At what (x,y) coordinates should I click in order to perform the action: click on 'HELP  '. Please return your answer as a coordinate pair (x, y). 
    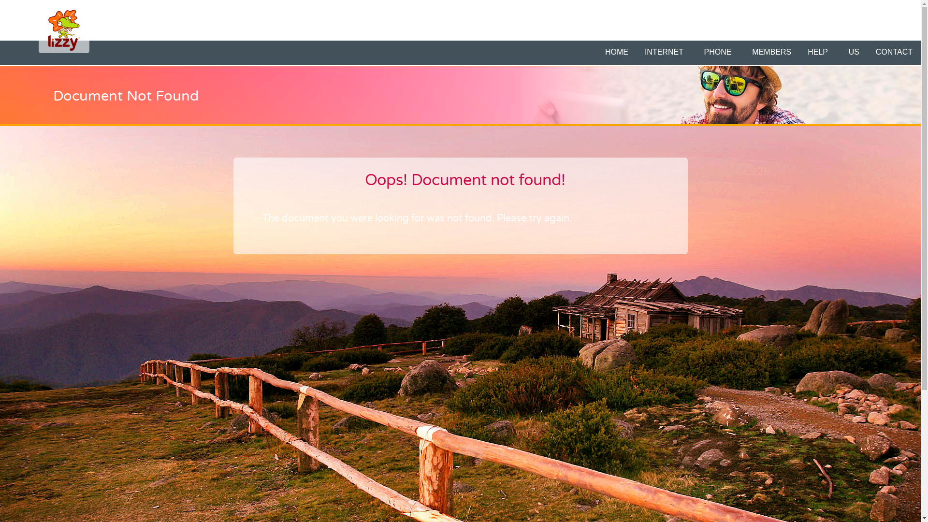
    Looking at the image, I should click on (819, 52).